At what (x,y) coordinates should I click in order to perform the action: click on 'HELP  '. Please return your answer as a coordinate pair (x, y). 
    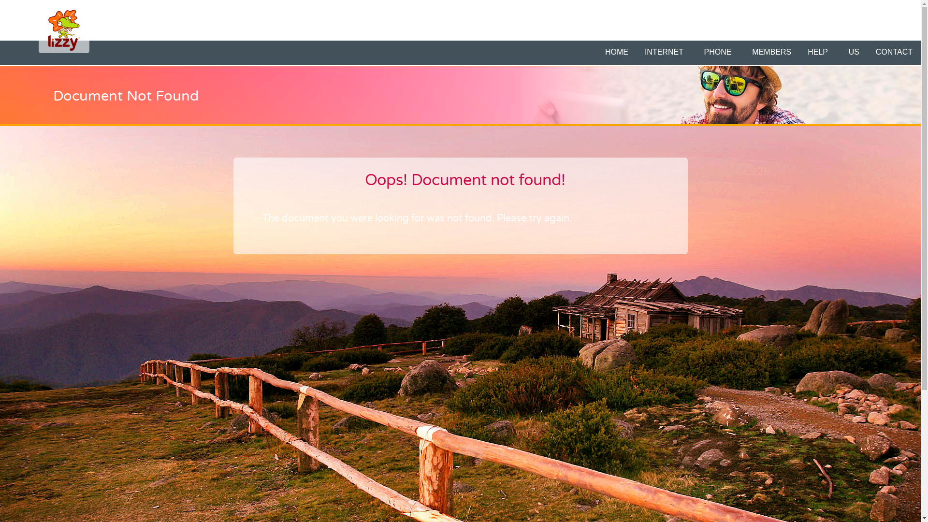
    Looking at the image, I should click on (819, 52).